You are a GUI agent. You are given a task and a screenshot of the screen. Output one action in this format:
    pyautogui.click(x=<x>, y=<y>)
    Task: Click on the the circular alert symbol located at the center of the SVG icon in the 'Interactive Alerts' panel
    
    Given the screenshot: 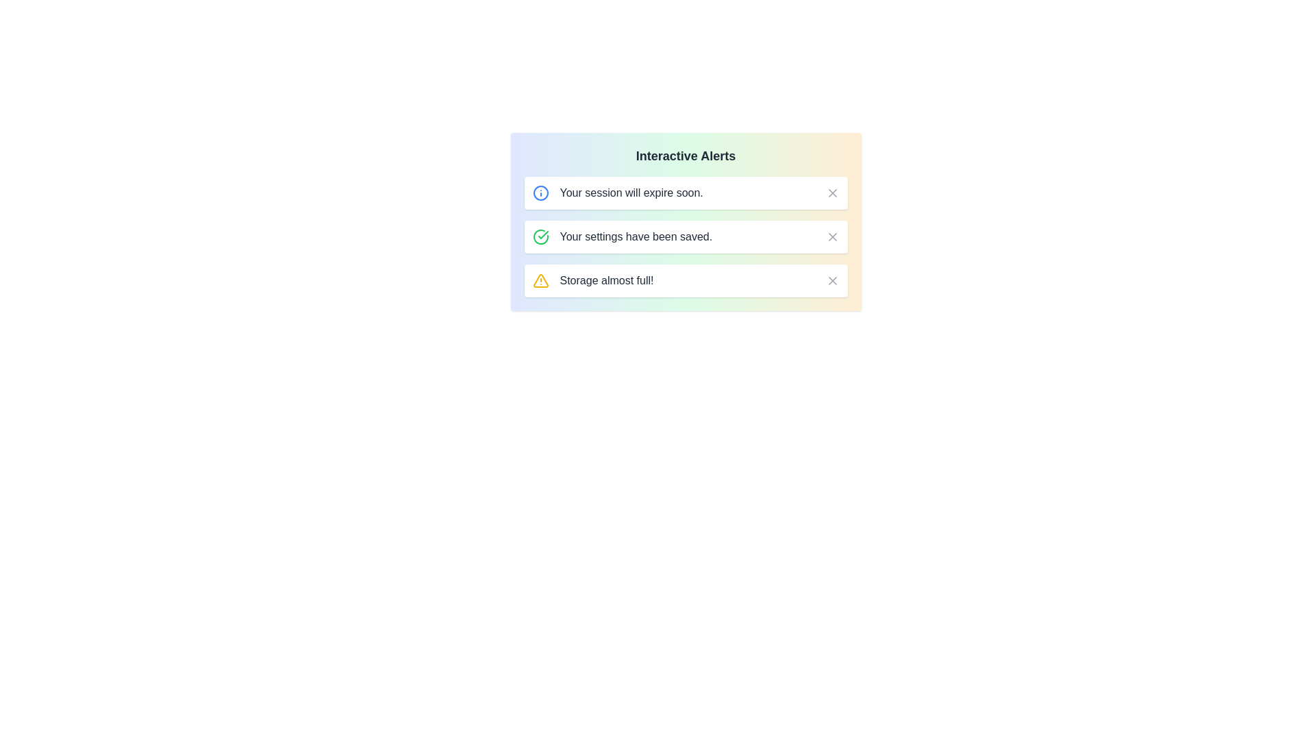 What is the action you would take?
    pyautogui.click(x=540, y=193)
    